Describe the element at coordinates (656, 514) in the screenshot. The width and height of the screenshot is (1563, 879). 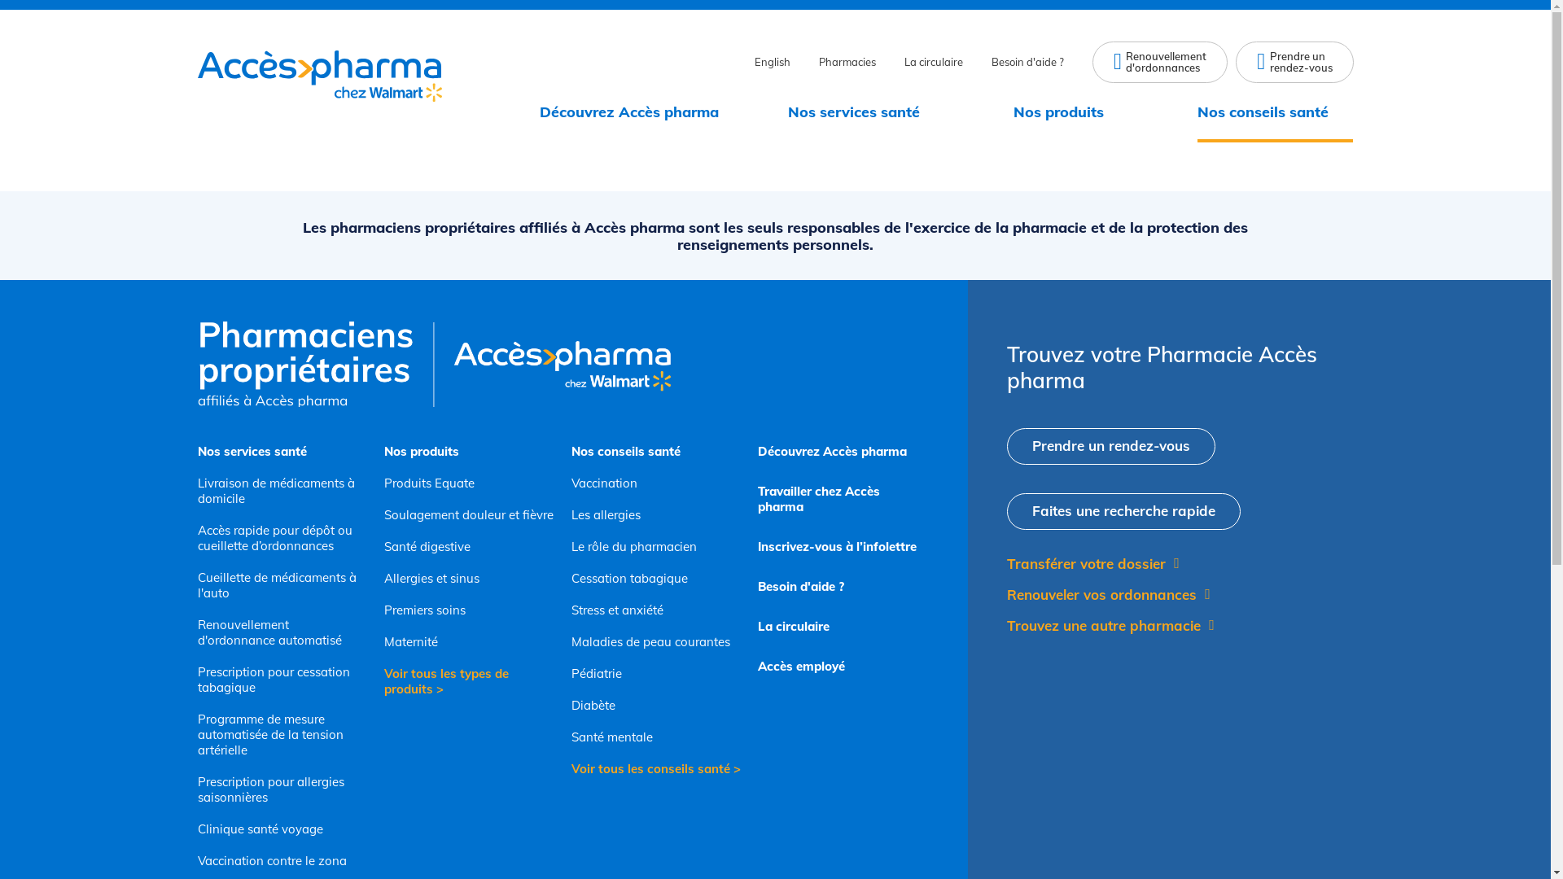
I see `'Les allergies'` at that location.